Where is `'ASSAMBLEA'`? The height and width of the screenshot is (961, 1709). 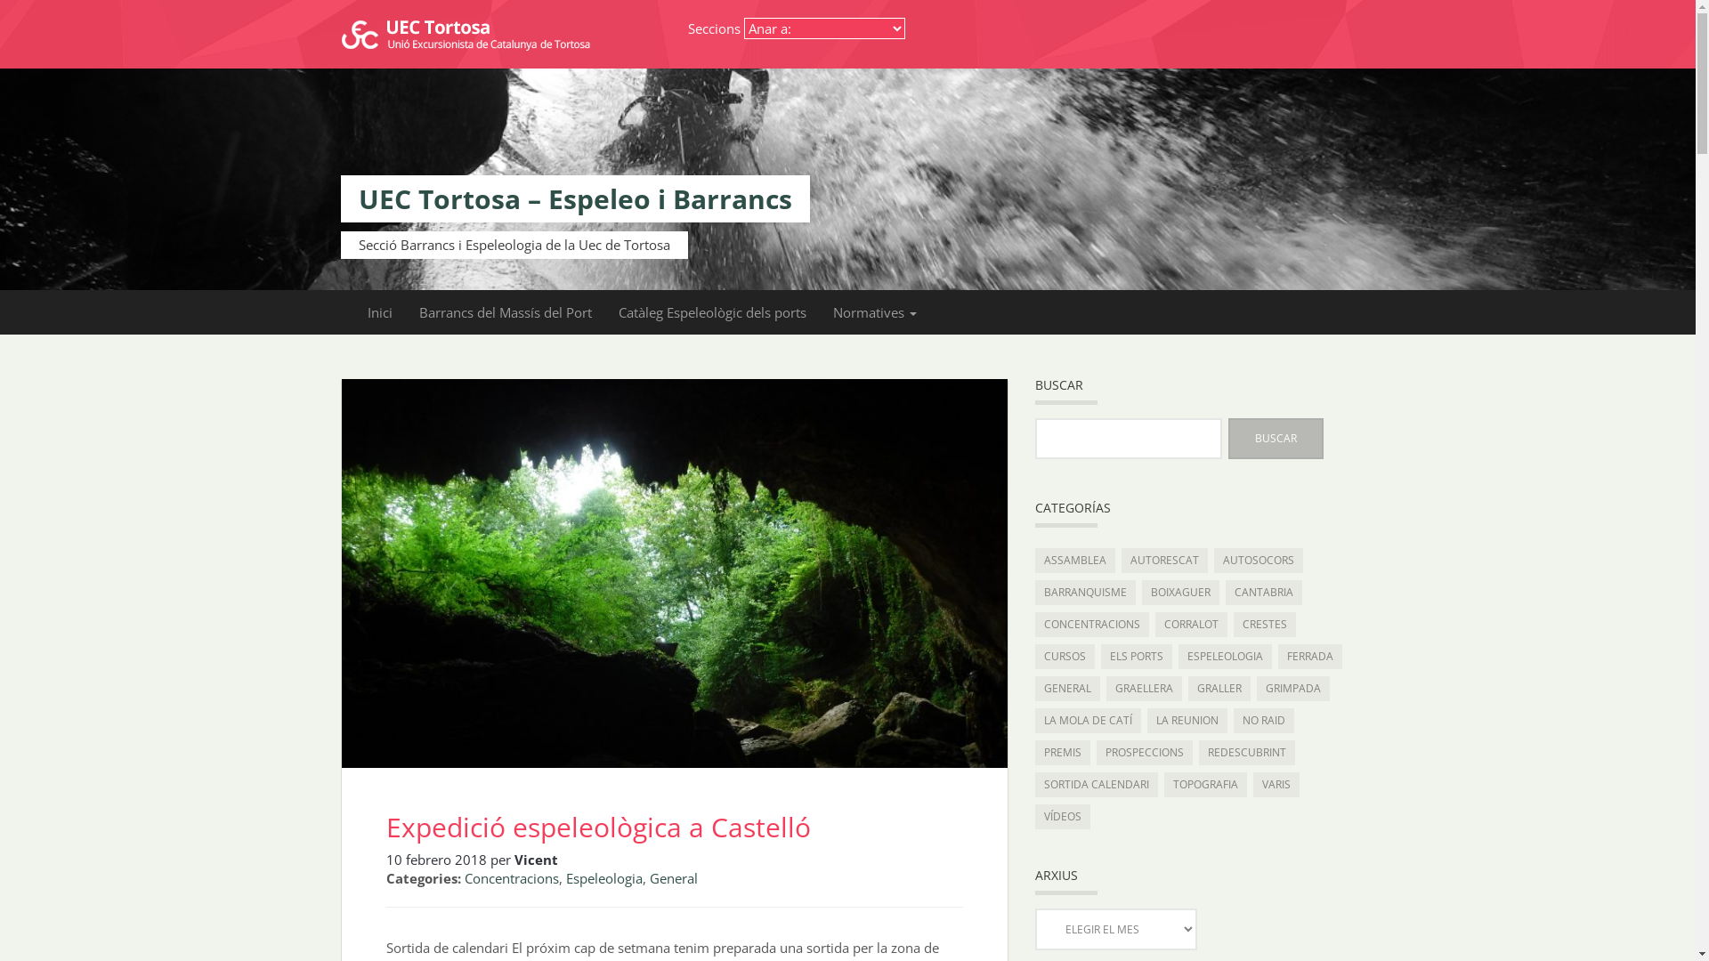 'ASSAMBLEA' is located at coordinates (1033, 559).